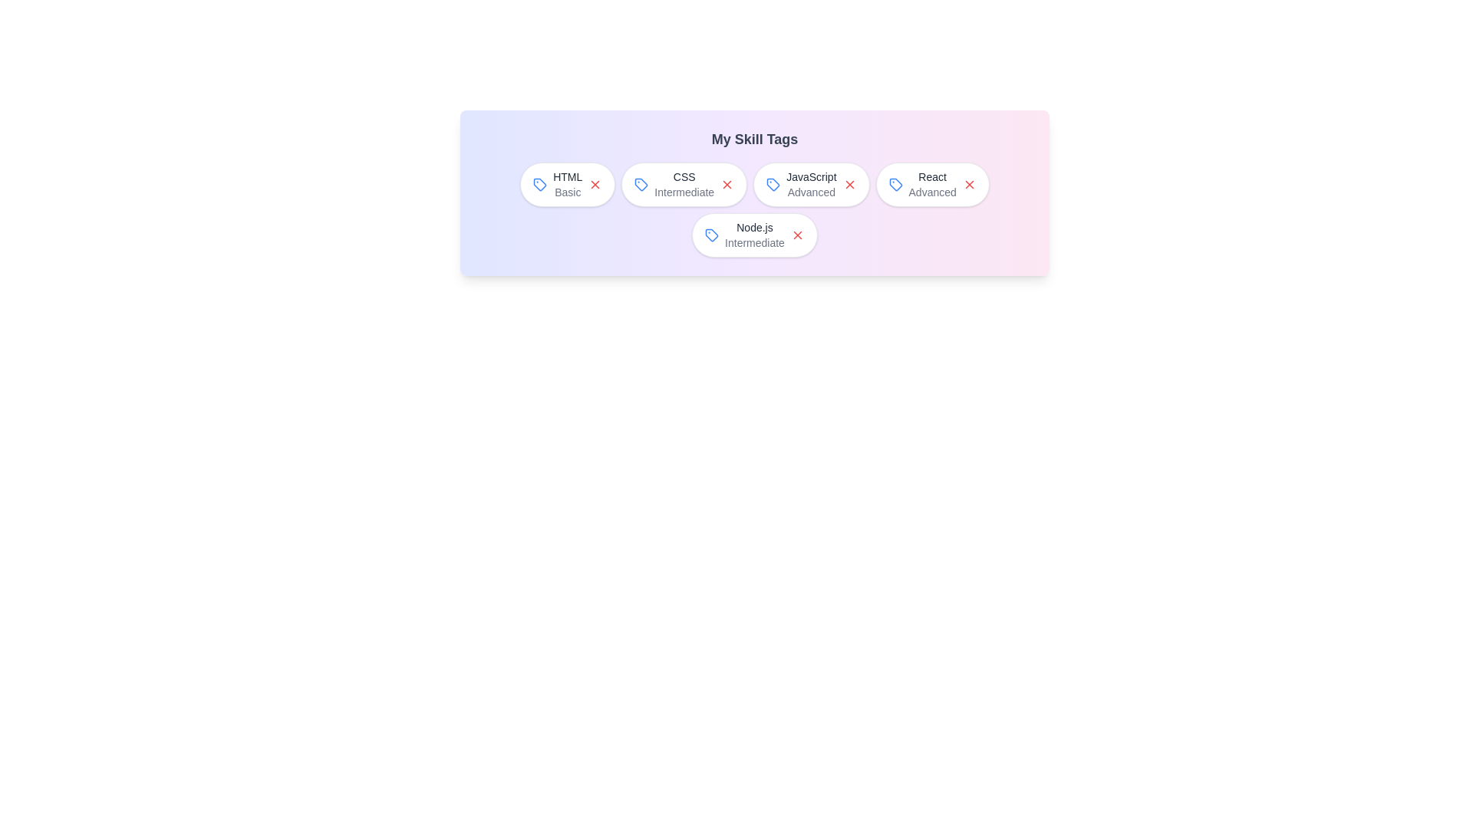 Image resolution: width=1473 pixels, height=828 pixels. What do you see at coordinates (711, 235) in the screenshot?
I see `the tag icon next to the skill Node.js` at bounding box center [711, 235].